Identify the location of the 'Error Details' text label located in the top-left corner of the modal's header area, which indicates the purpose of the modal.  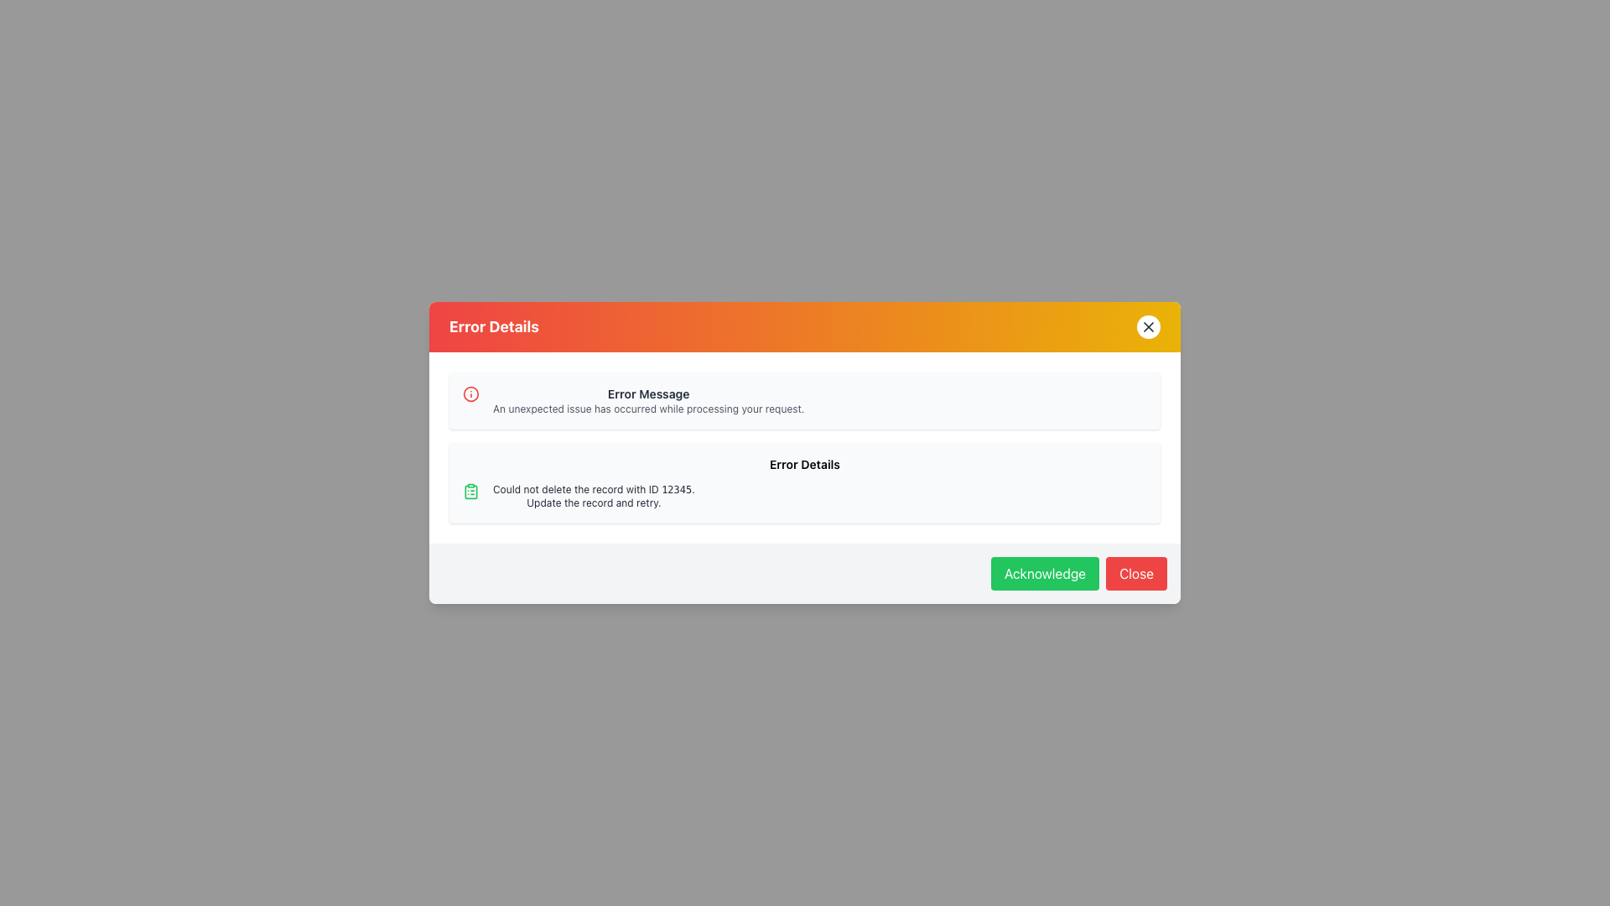
(493, 326).